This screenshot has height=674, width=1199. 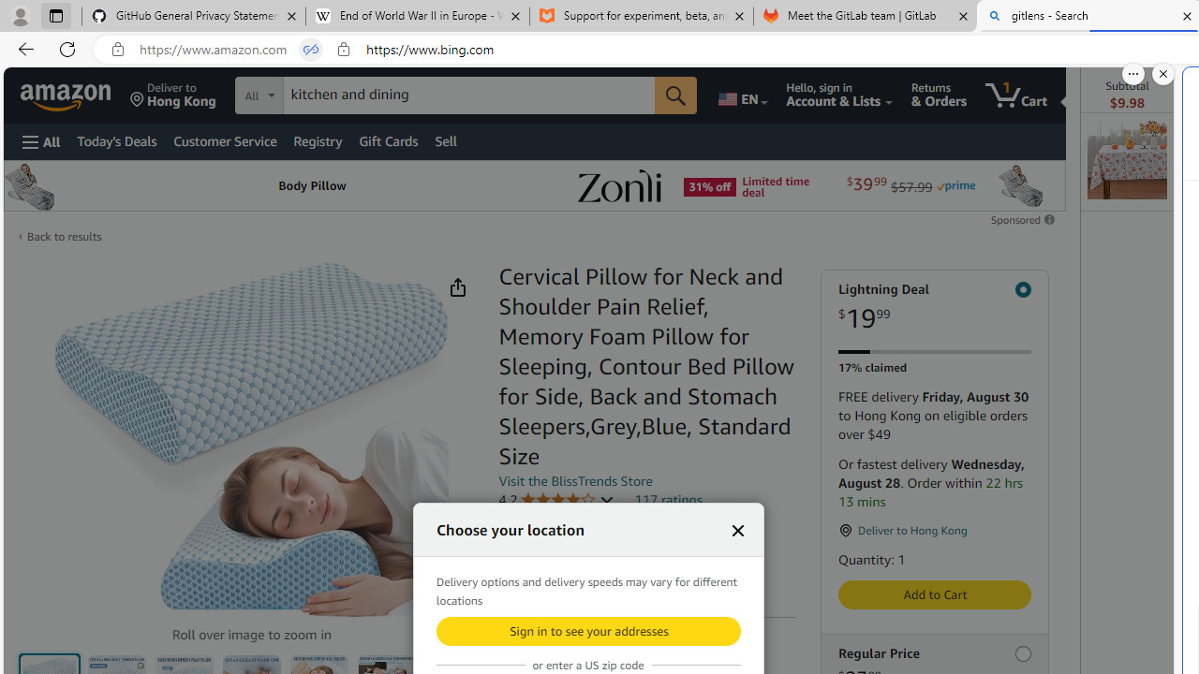 What do you see at coordinates (416, 16) in the screenshot?
I see `'End of World War II in Europe - Wikipedia'` at bounding box center [416, 16].